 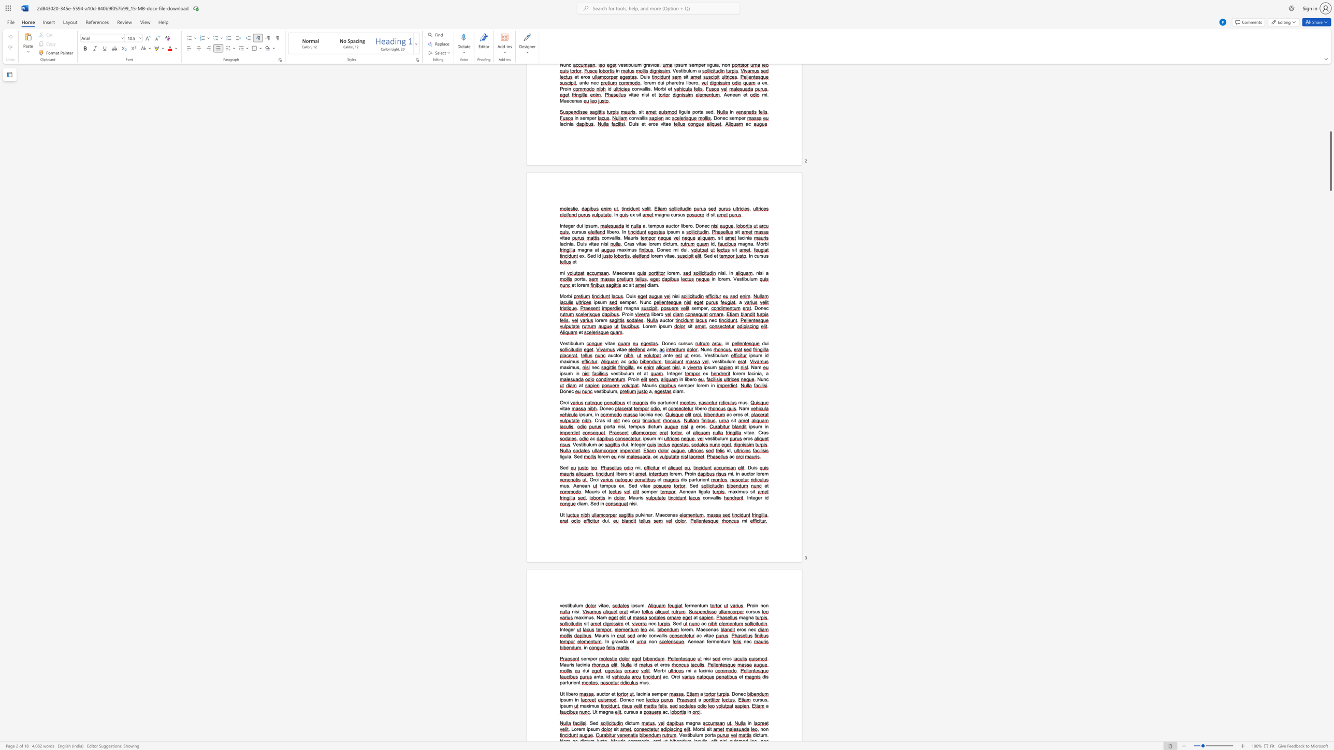 I want to click on the space between the continuous character "u" and "r" in the text, so click(x=569, y=664).